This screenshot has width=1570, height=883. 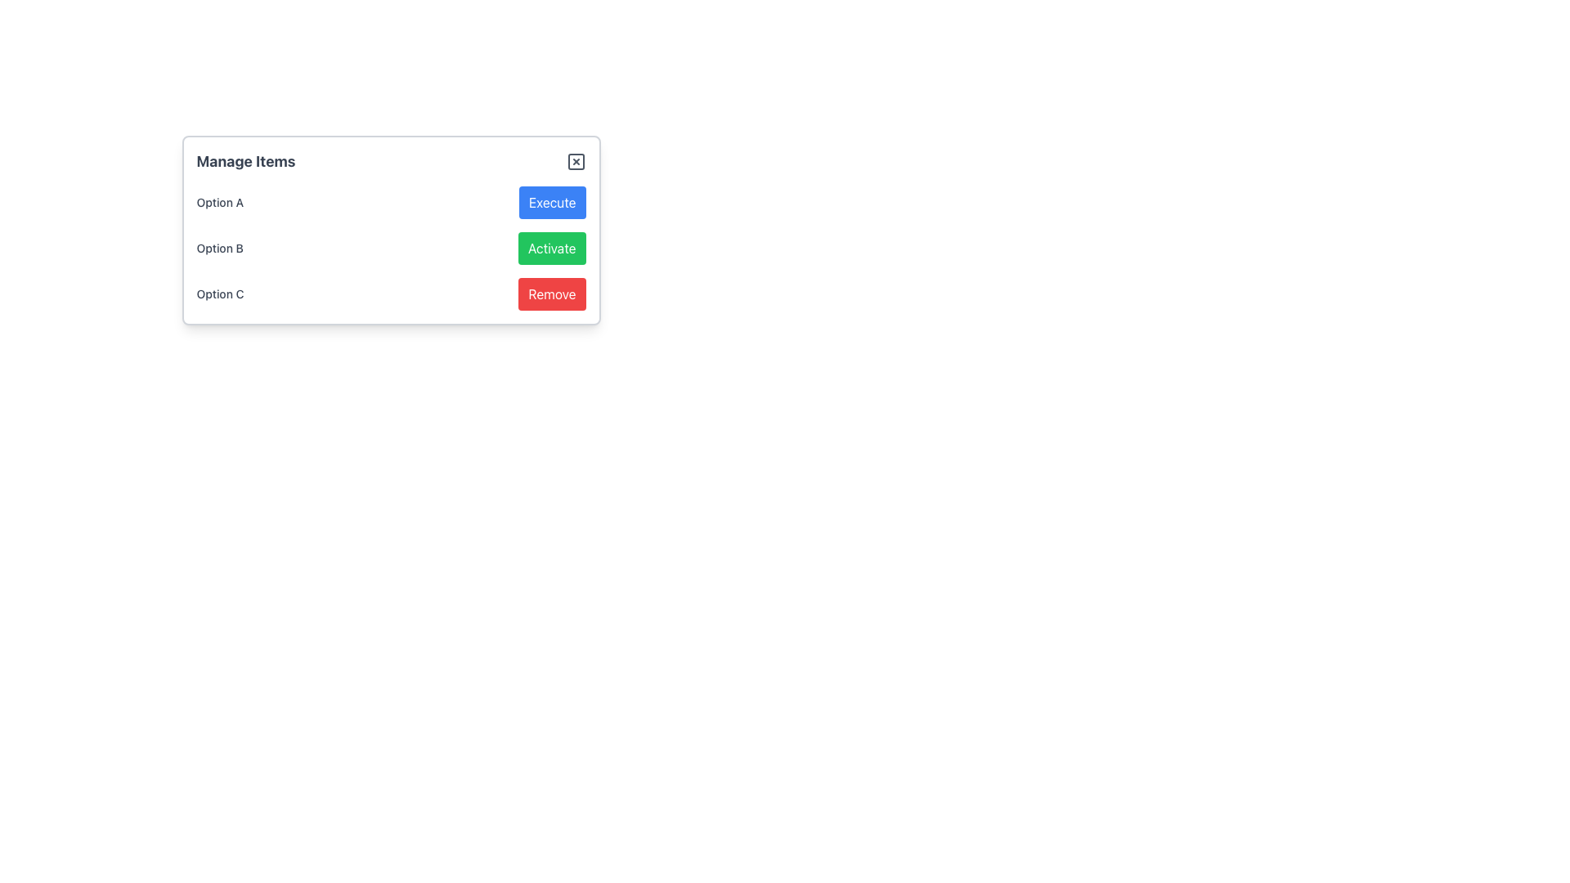 What do you see at coordinates (219, 293) in the screenshot?
I see `the text label that identifies an option within the 'Manage Items' section, specifically the third entry in the list, located below 'Option B'` at bounding box center [219, 293].